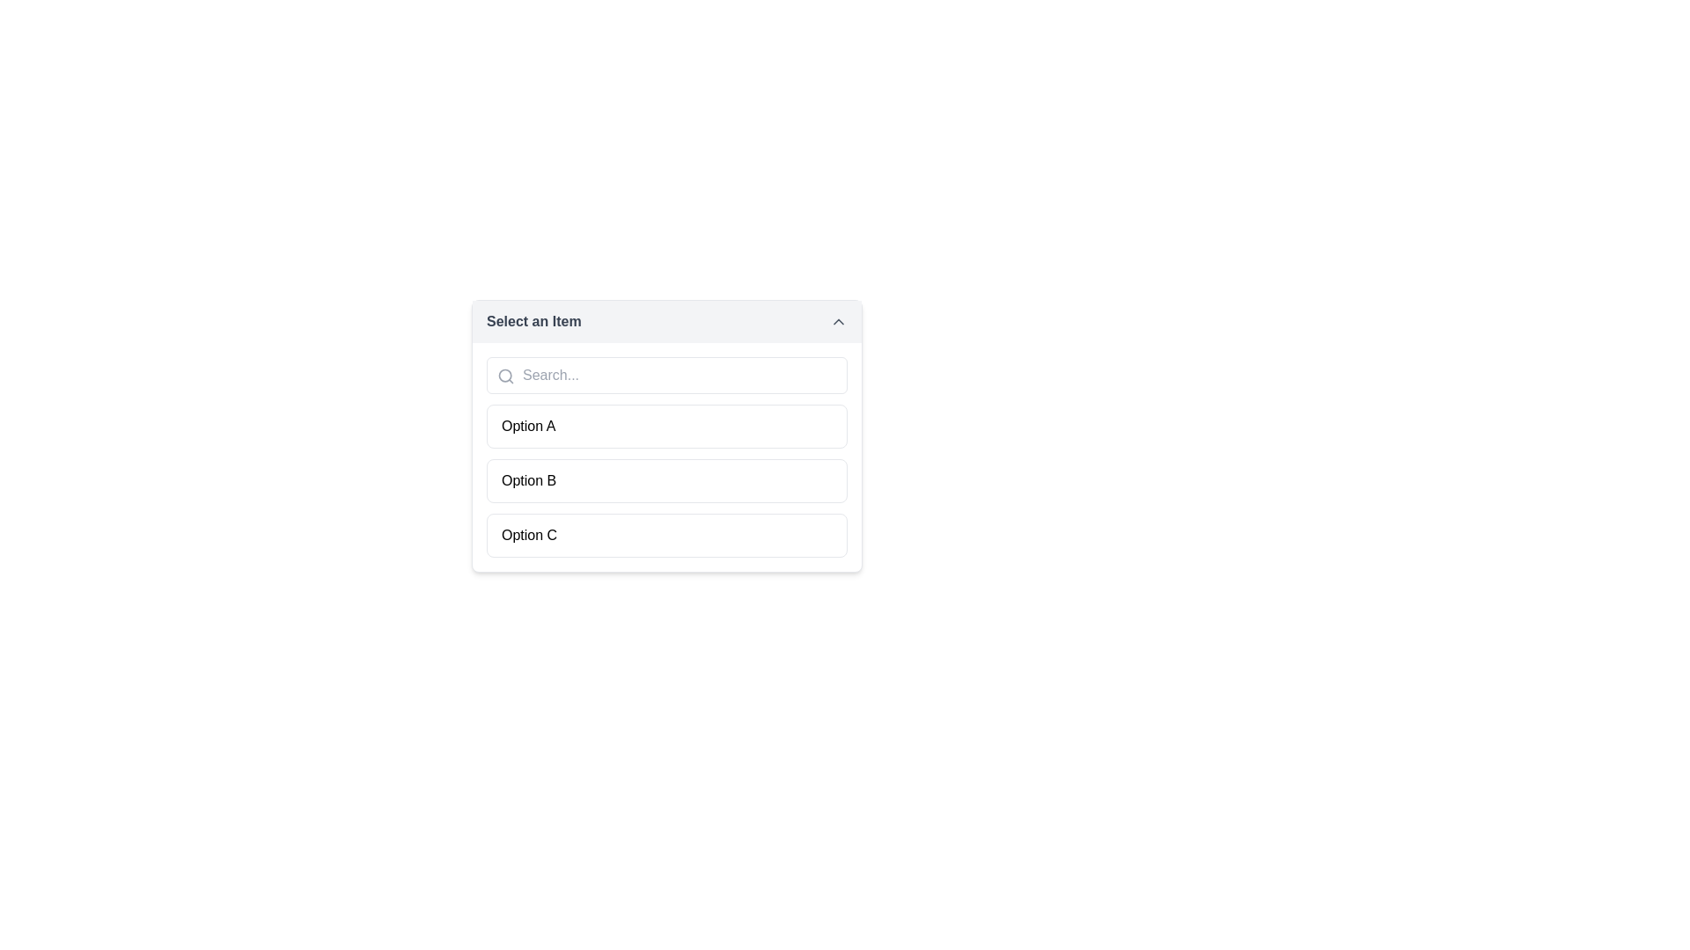  I want to click on the third option in the vertical selection menu, so click(666, 535).